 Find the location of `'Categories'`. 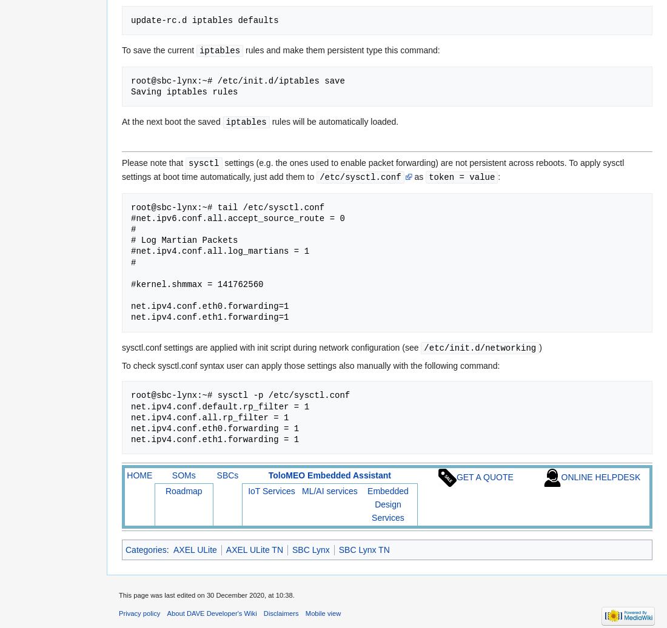

'Categories' is located at coordinates (146, 549).